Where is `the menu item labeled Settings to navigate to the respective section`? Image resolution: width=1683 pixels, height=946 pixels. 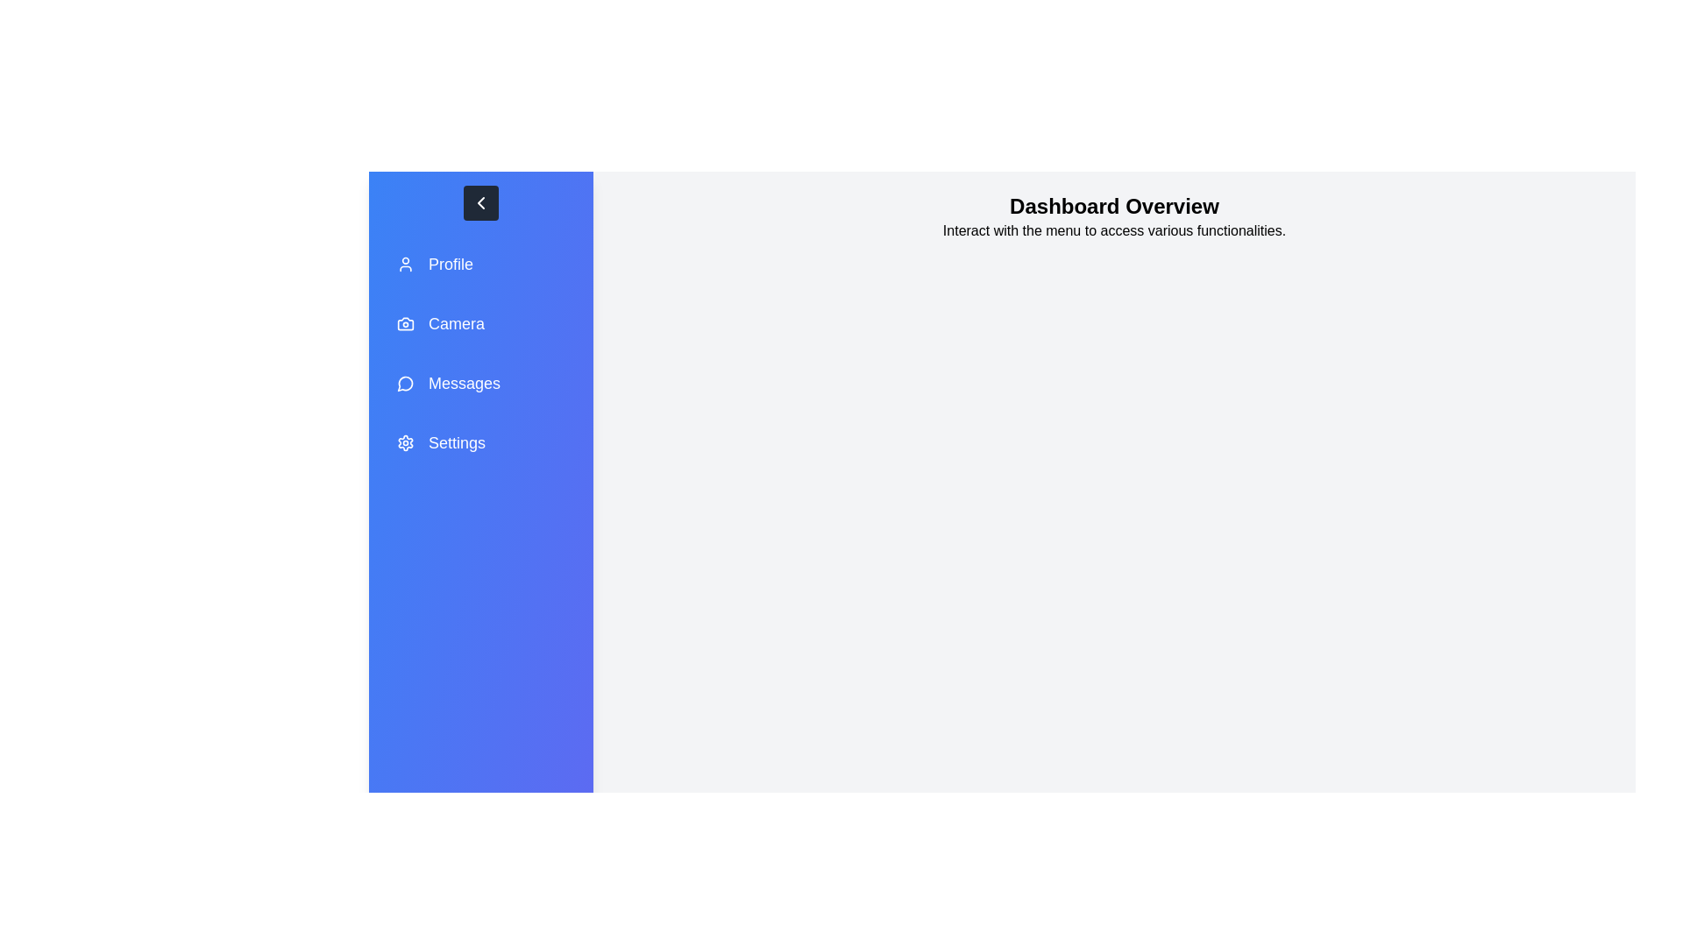 the menu item labeled Settings to navigate to the respective section is located at coordinates (480, 441).